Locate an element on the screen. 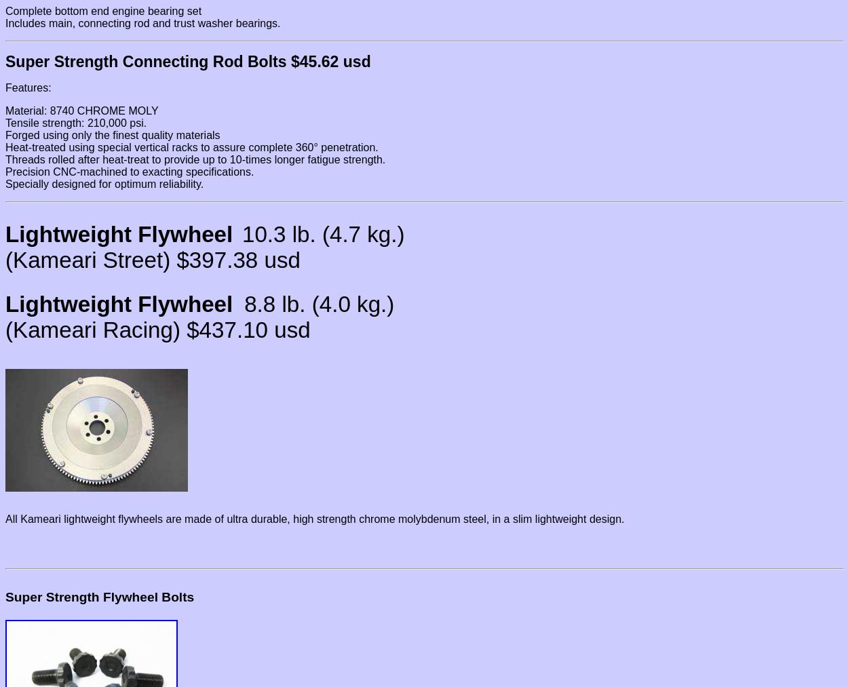 Image resolution: width=848 pixels, height=687 pixels. 'Precision CNC-machined to exacting specifications.' is located at coordinates (5, 171).